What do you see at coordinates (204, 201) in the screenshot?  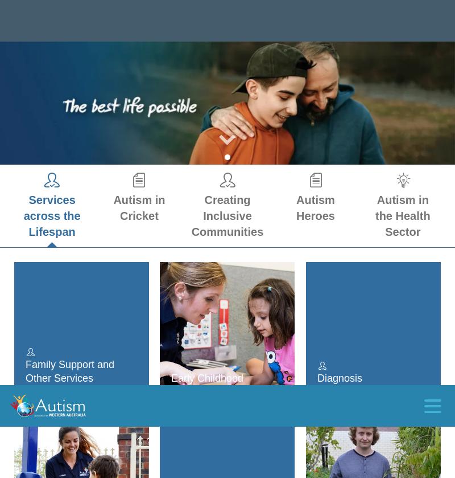 I see `'Make a difference today'` at bounding box center [204, 201].